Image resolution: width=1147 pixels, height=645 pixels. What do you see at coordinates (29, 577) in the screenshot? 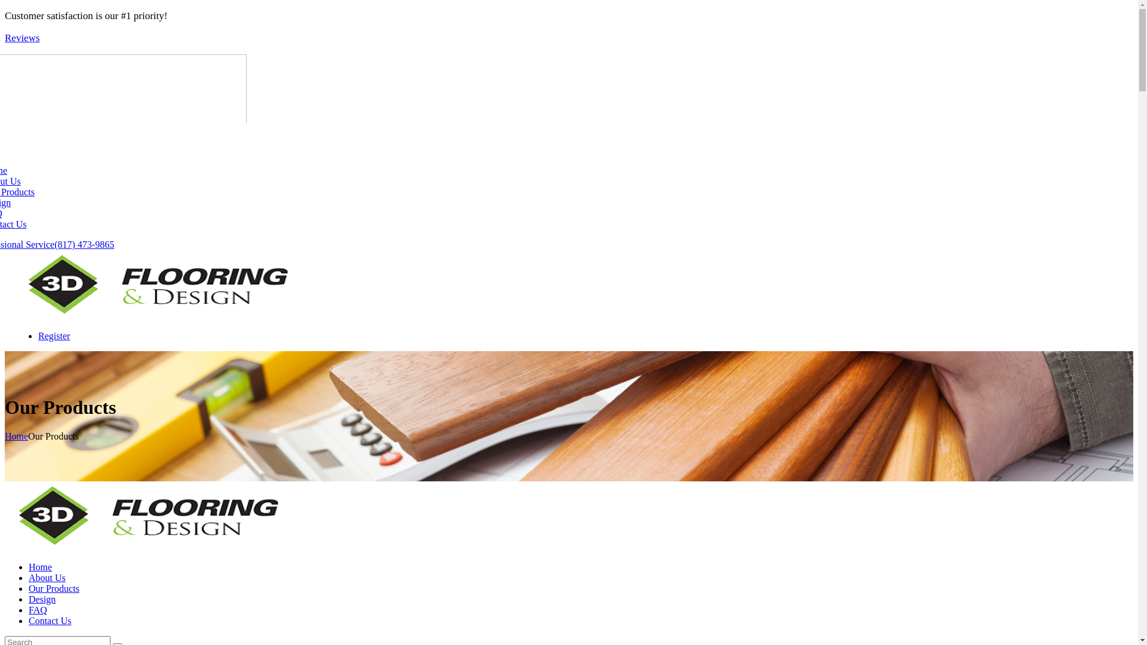
I see `'About Us'` at bounding box center [29, 577].